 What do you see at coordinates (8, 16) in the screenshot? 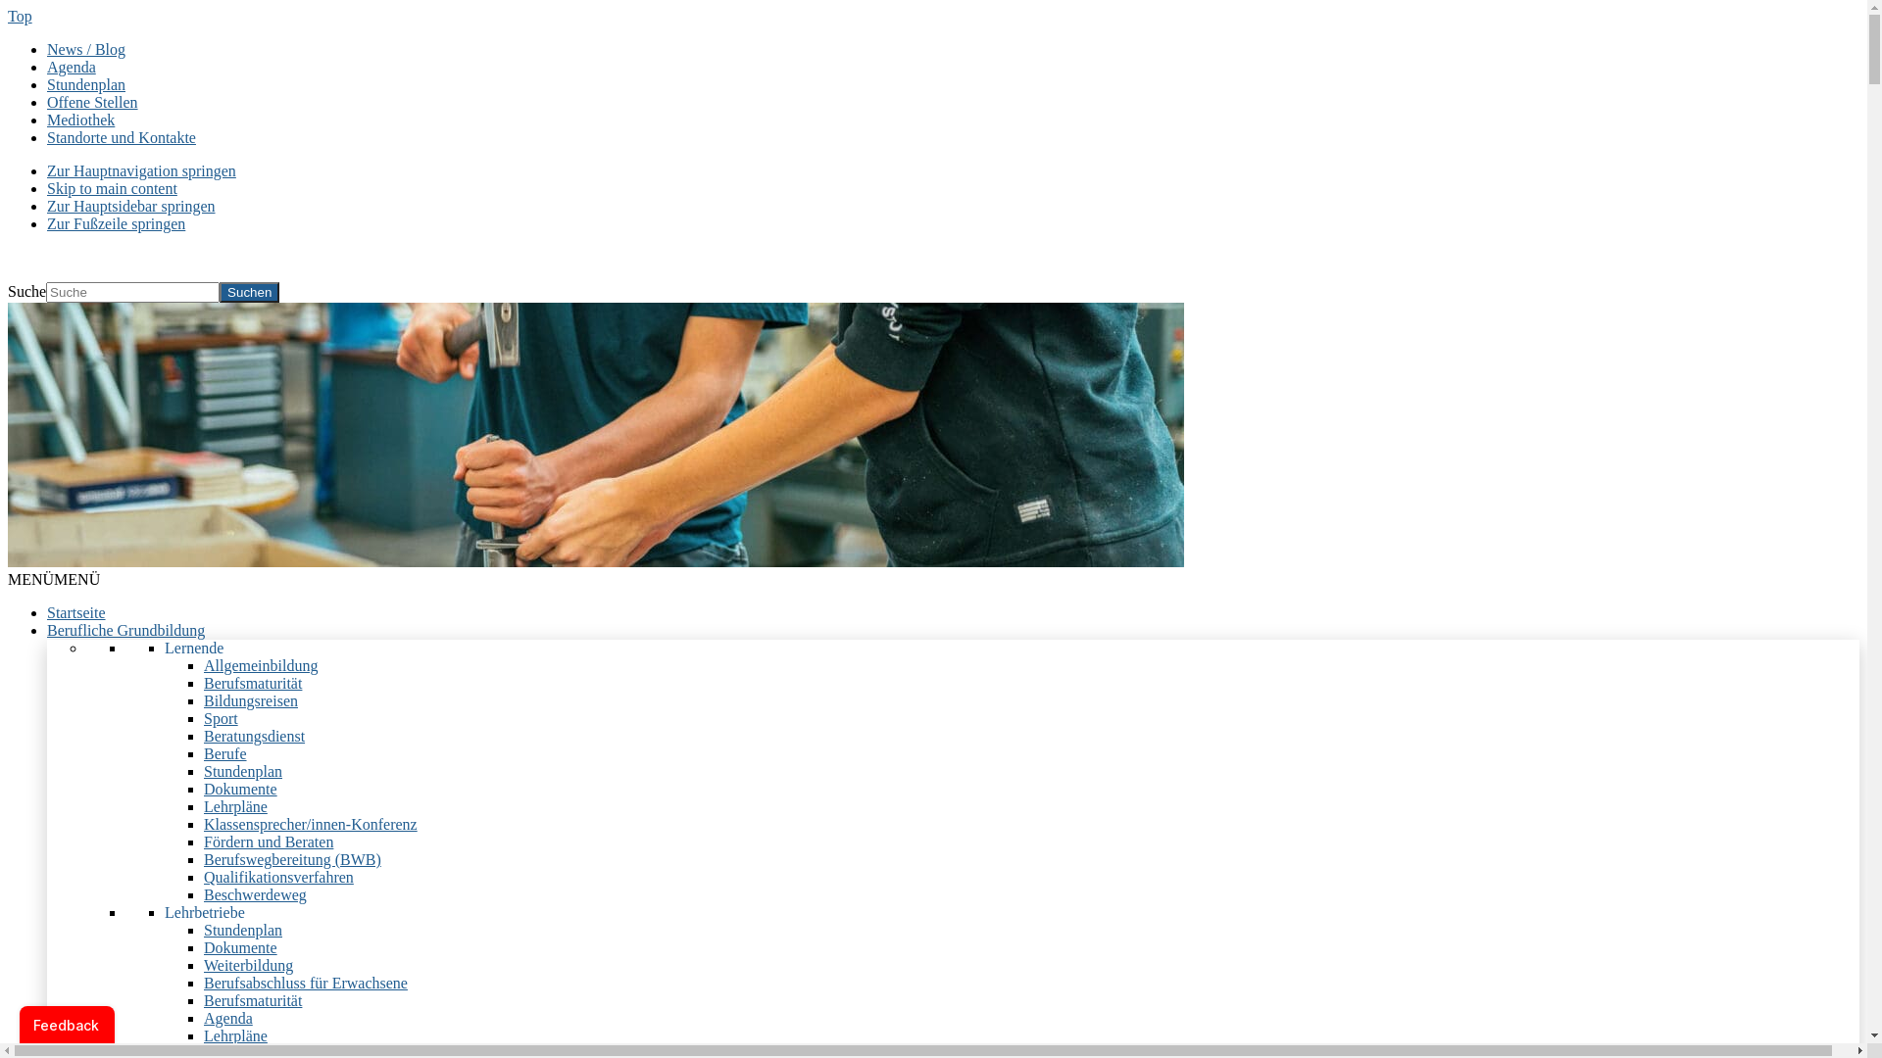
I see `'Top'` at bounding box center [8, 16].